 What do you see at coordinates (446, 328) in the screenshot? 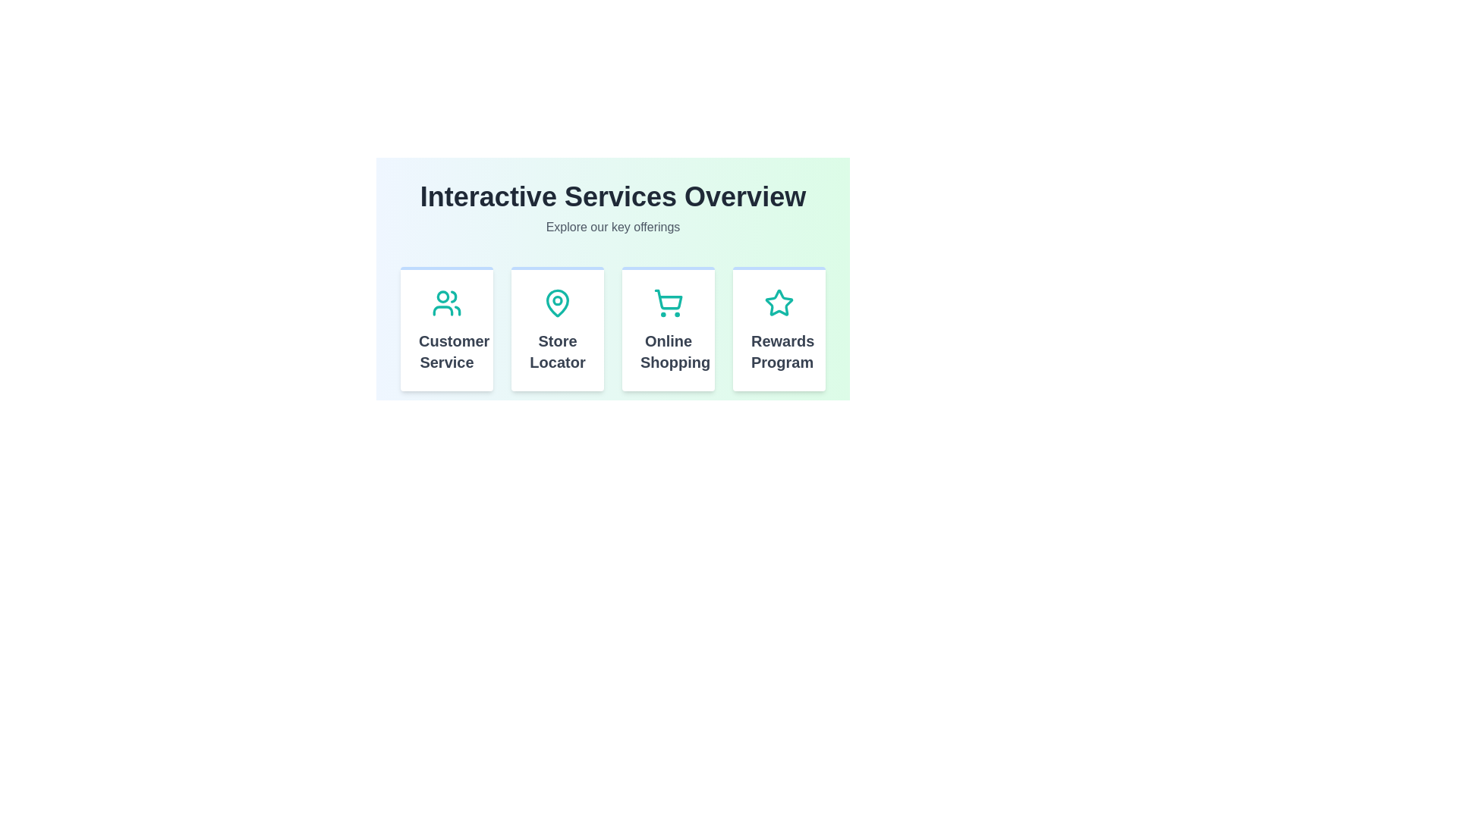
I see `the 'Customer Service' Interactive Card, which features a white background, rounded corners, and an icon of two user silhouettes in teal color` at bounding box center [446, 328].